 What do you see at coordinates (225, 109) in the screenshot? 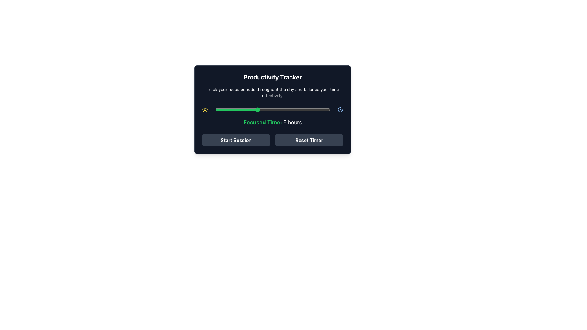
I see `the slider value` at bounding box center [225, 109].